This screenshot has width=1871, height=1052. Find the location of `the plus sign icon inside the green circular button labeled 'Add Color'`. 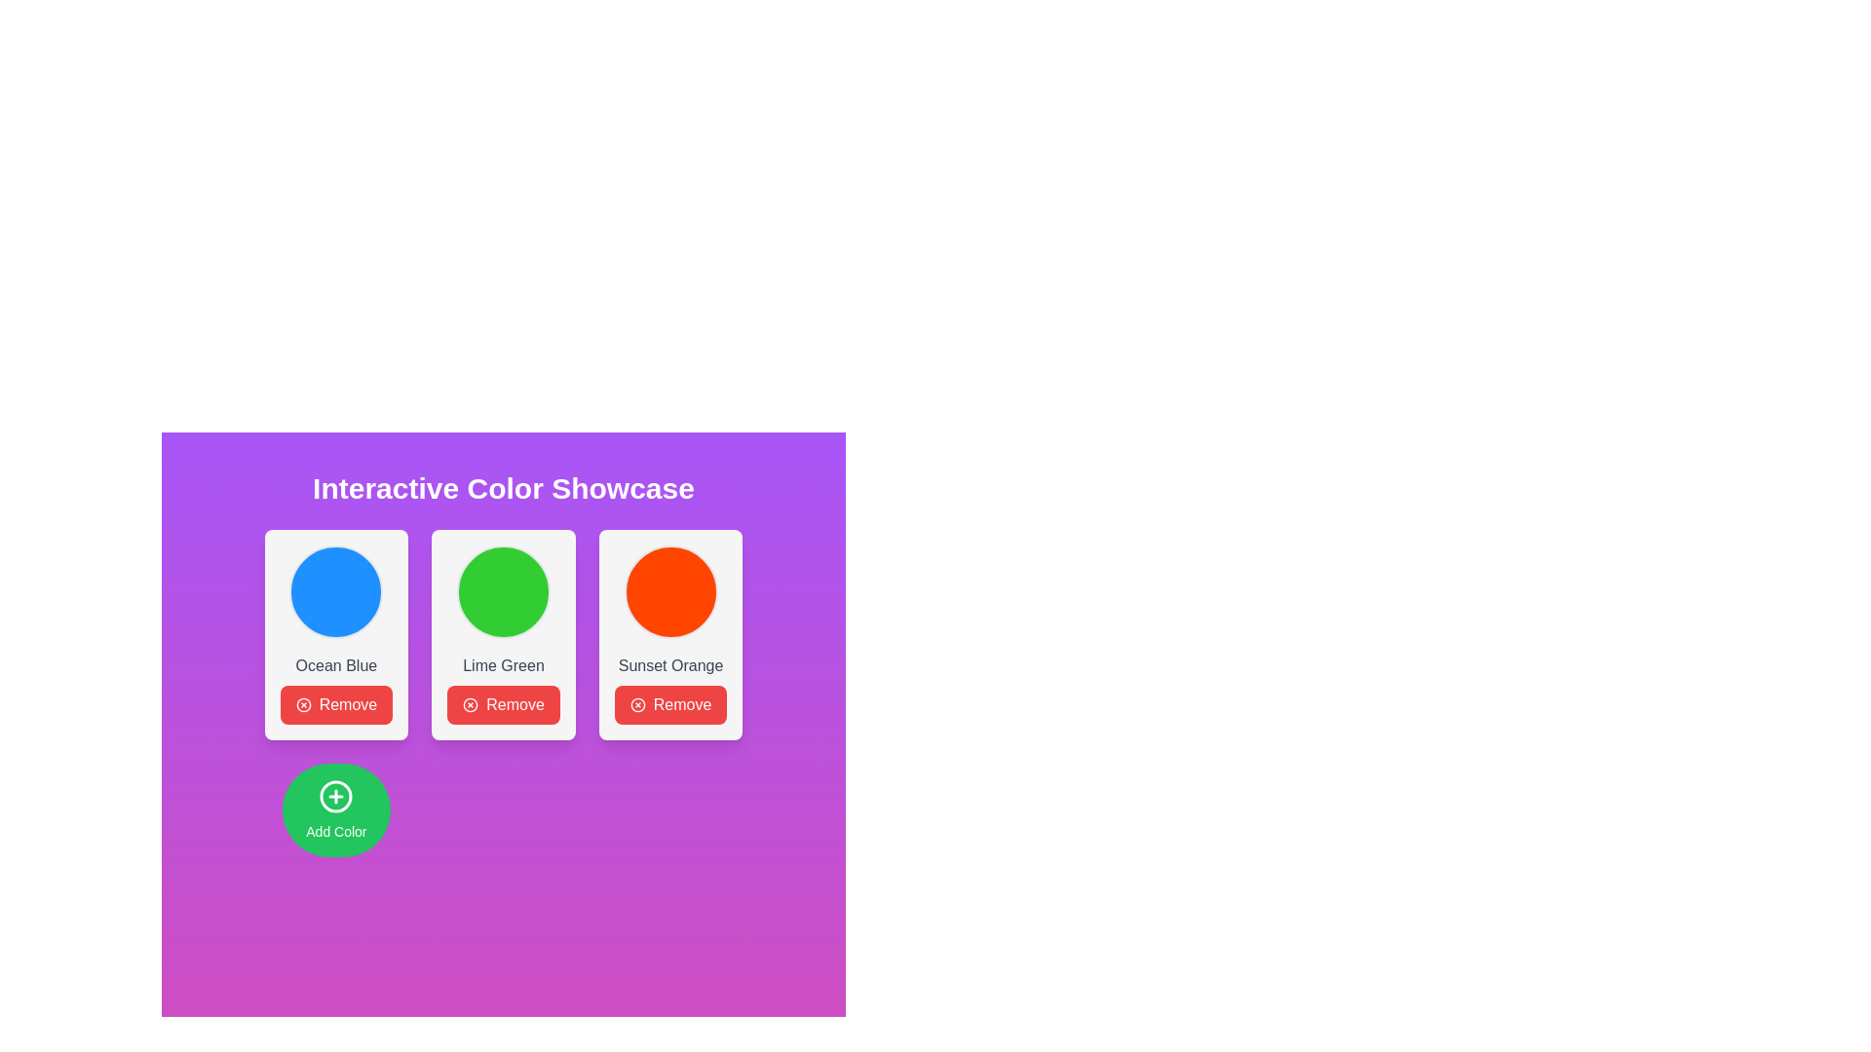

the plus sign icon inside the green circular button labeled 'Add Color' is located at coordinates (336, 796).